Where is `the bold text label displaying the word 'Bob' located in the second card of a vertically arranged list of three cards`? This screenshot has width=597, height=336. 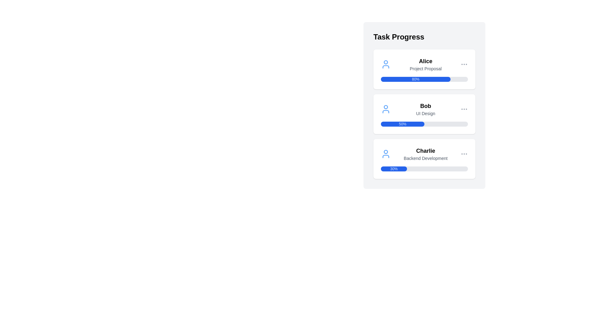 the bold text label displaying the word 'Bob' located in the second card of a vertically arranged list of three cards is located at coordinates (425, 105).